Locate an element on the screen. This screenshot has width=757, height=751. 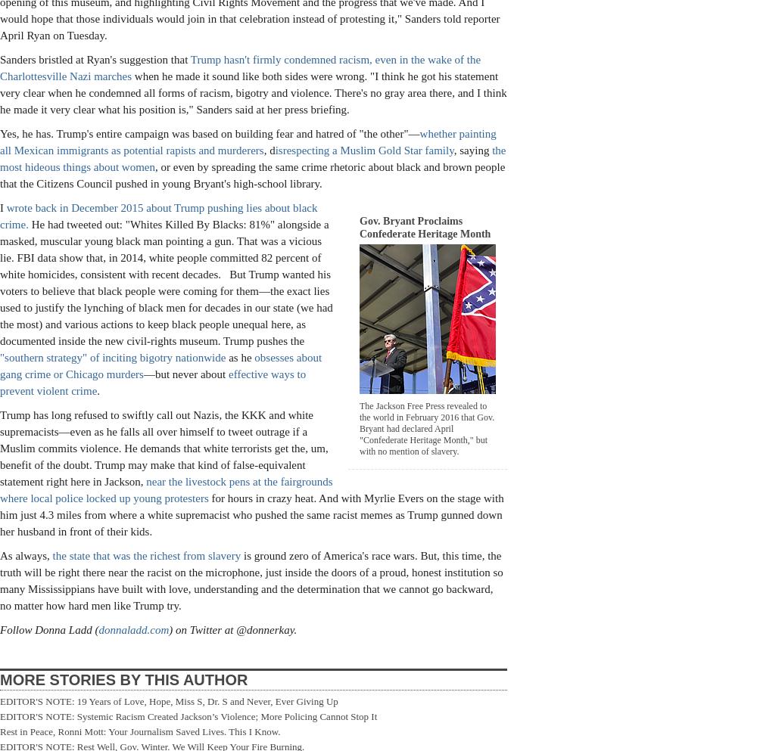
') on Twitter at @donnerkay.' is located at coordinates (232, 629).